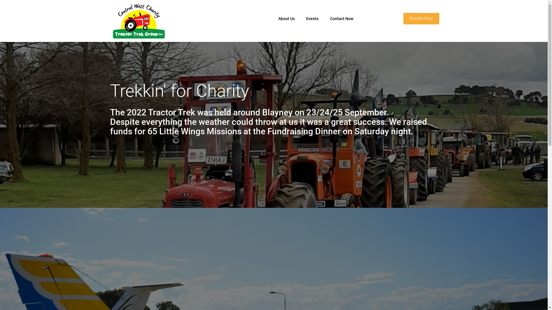  Describe the element at coordinates (286, 18) in the screenshot. I see `'About Us'` at that location.